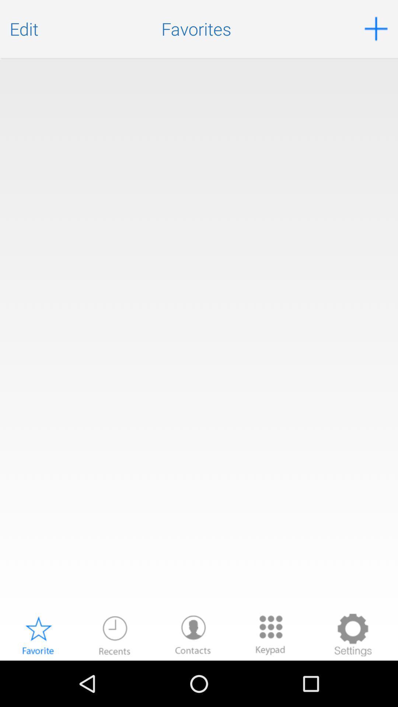 Image resolution: width=398 pixels, height=707 pixels. What do you see at coordinates (352, 634) in the screenshot?
I see `adjust settings` at bounding box center [352, 634].